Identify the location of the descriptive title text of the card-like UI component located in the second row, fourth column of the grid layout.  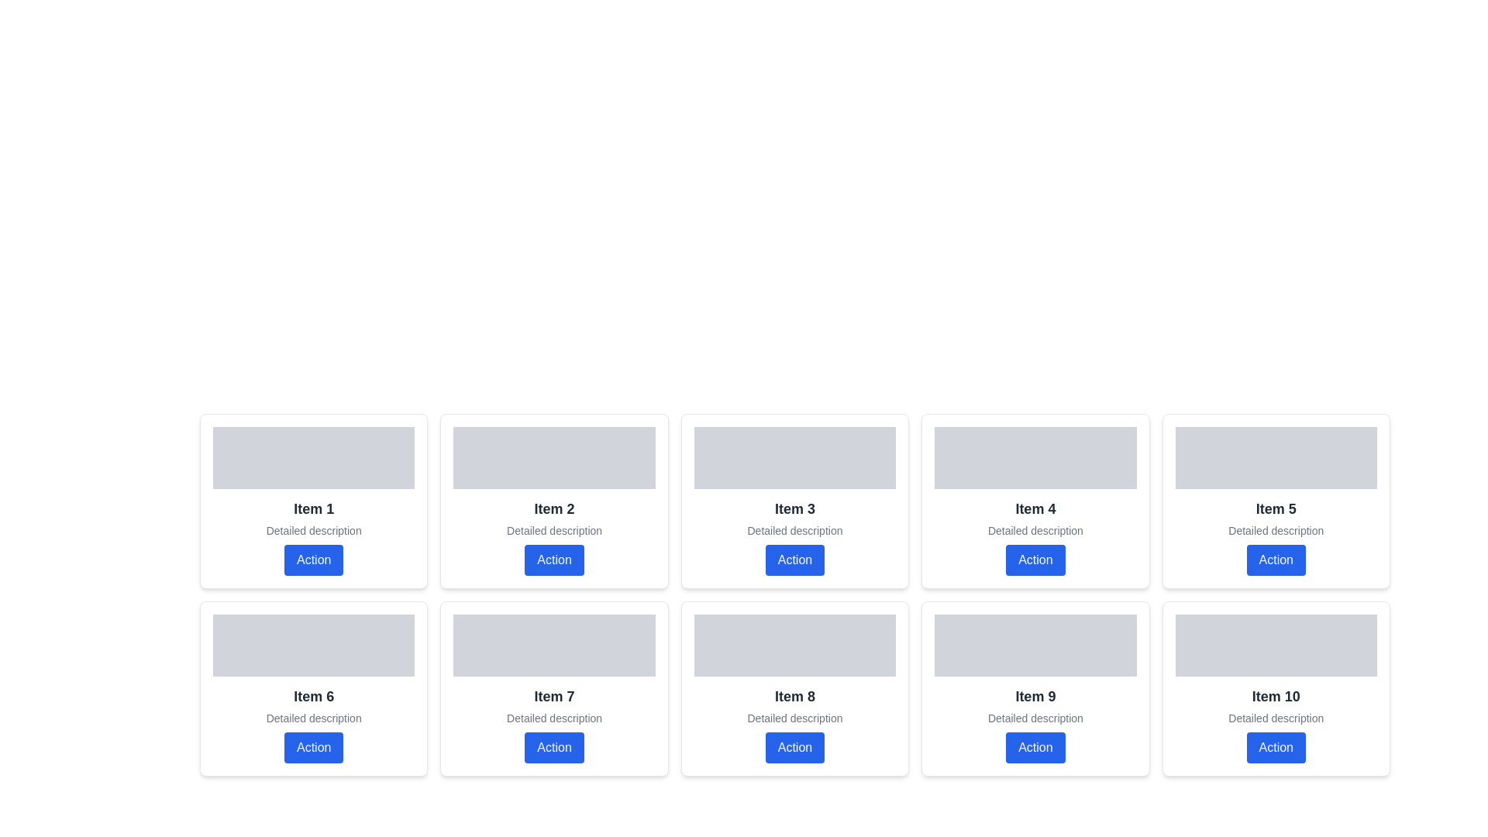
(1035, 695).